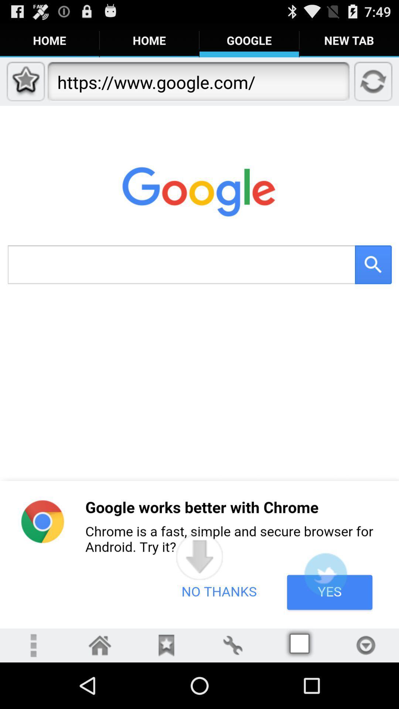 The width and height of the screenshot is (399, 709). I want to click on bookmarks, so click(166, 645).